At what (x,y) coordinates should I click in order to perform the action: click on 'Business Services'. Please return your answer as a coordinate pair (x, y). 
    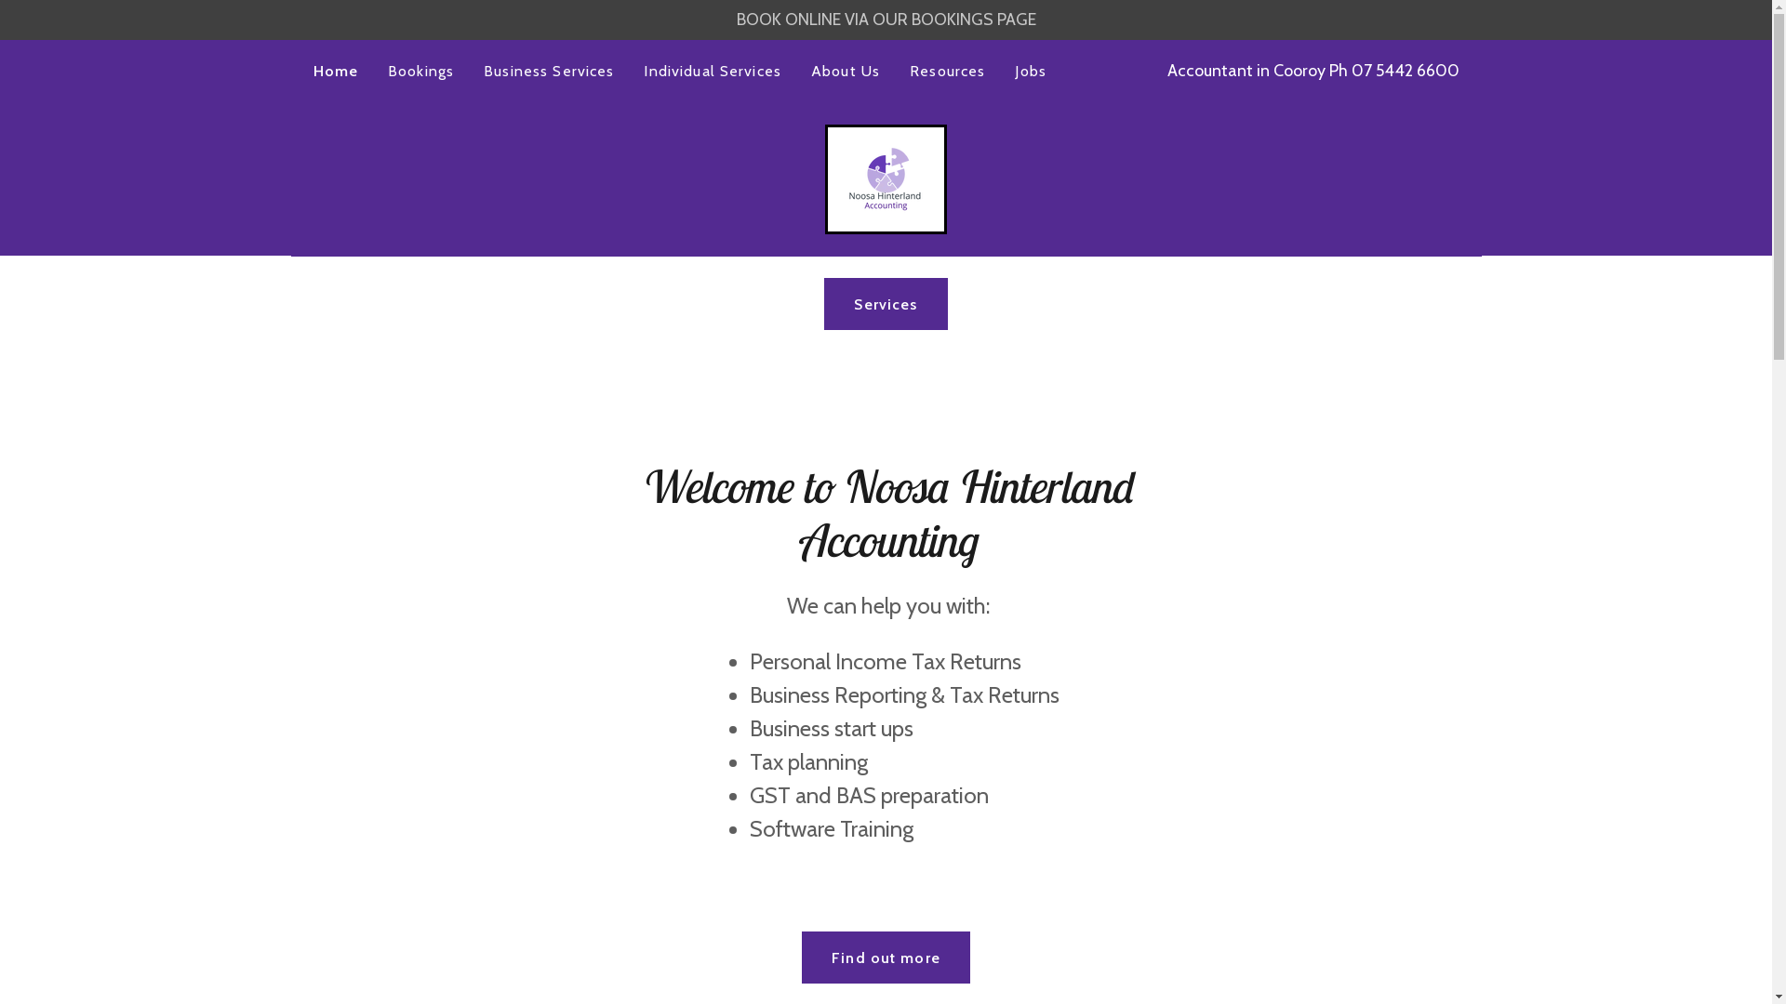
    Looking at the image, I should click on (548, 70).